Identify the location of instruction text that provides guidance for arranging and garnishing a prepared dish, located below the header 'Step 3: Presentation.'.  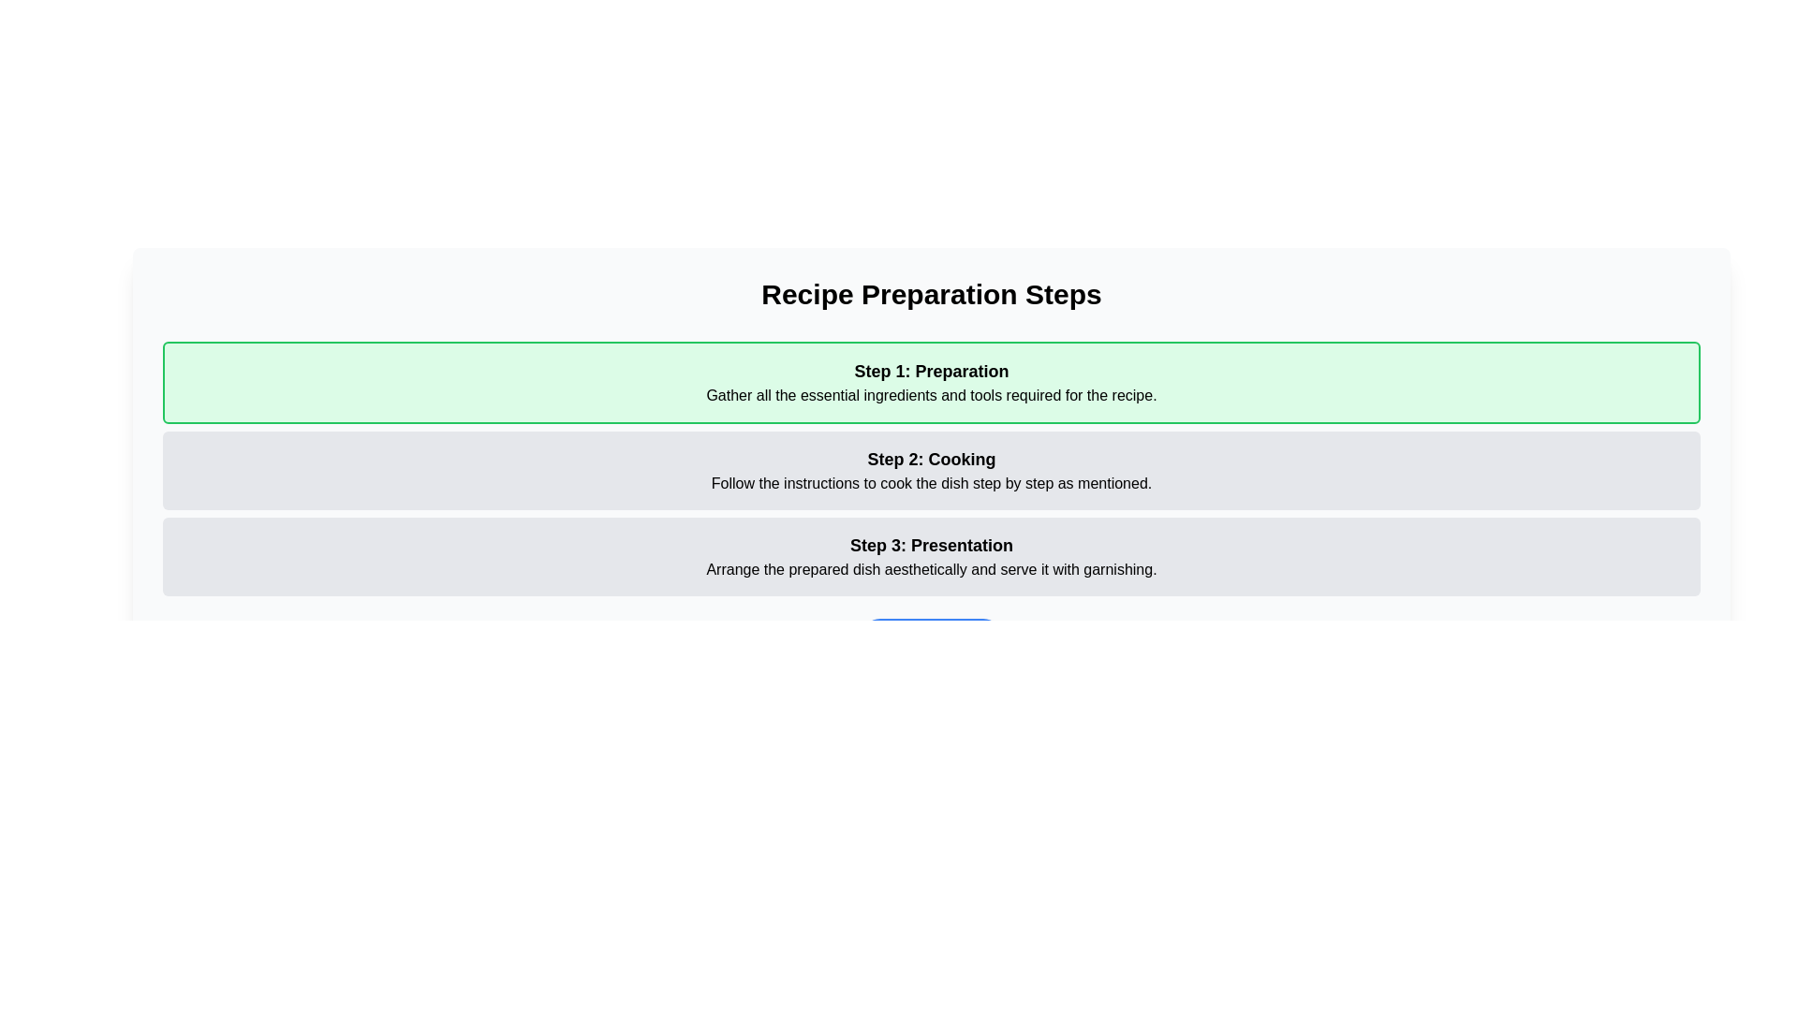
(931, 569).